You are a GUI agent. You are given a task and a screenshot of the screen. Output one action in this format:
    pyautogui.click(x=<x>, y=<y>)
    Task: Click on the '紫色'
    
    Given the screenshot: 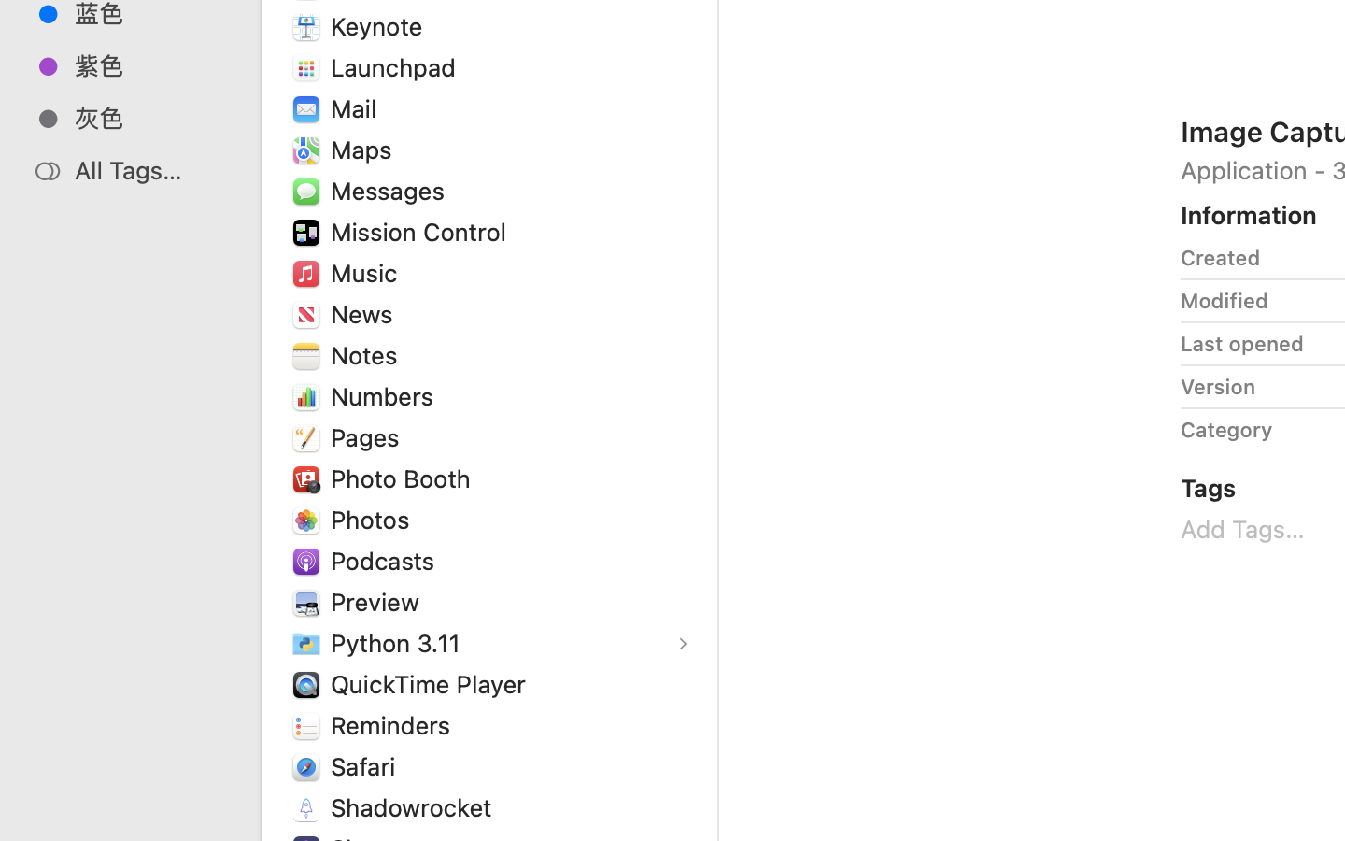 What is the action you would take?
    pyautogui.click(x=149, y=64)
    